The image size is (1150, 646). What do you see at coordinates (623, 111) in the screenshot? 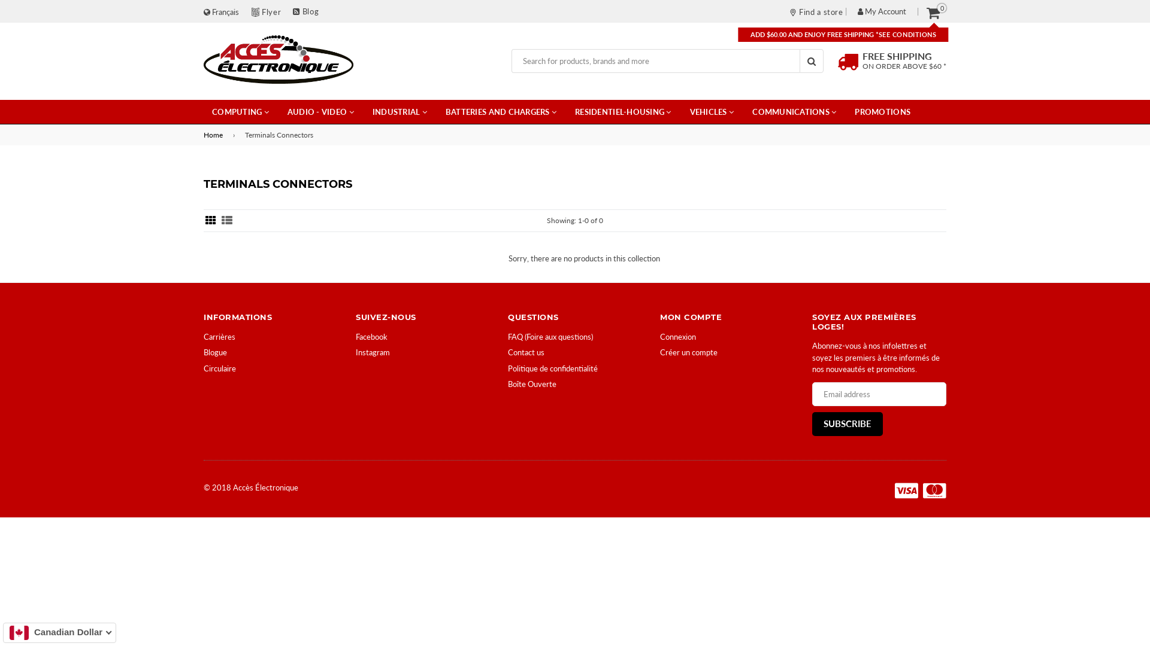
I see `'RESIDENTIEL-HOUSING'` at bounding box center [623, 111].